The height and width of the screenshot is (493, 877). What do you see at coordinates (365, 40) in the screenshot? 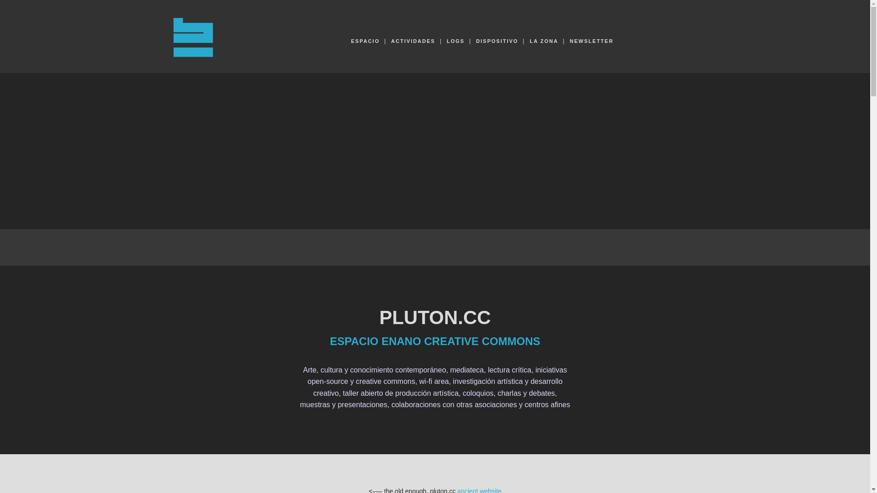
I see `'ESPACIO'` at bounding box center [365, 40].